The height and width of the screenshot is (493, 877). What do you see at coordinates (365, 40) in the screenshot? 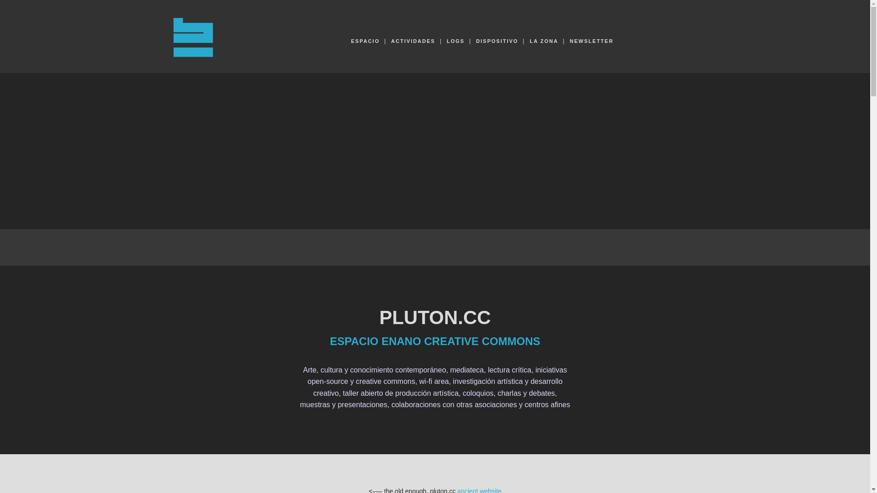
I see `'ESPACIO'` at bounding box center [365, 40].